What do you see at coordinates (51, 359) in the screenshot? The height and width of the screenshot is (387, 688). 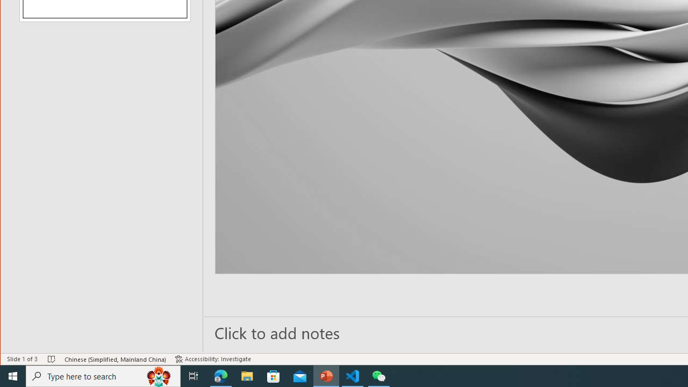 I see `'Spell Check No Errors'` at bounding box center [51, 359].